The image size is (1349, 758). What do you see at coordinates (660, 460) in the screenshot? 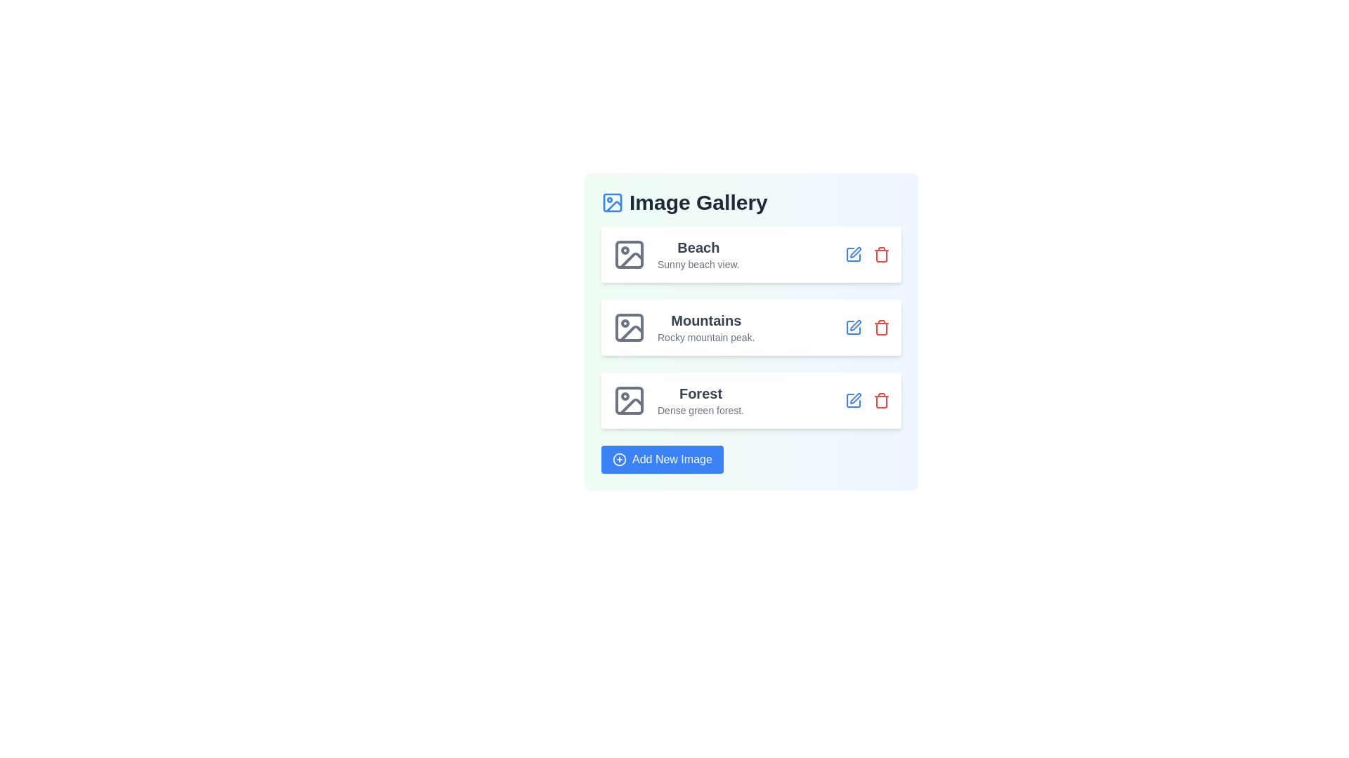
I see `'Add New Image' button to add a new image to the gallery` at bounding box center [660, 460].